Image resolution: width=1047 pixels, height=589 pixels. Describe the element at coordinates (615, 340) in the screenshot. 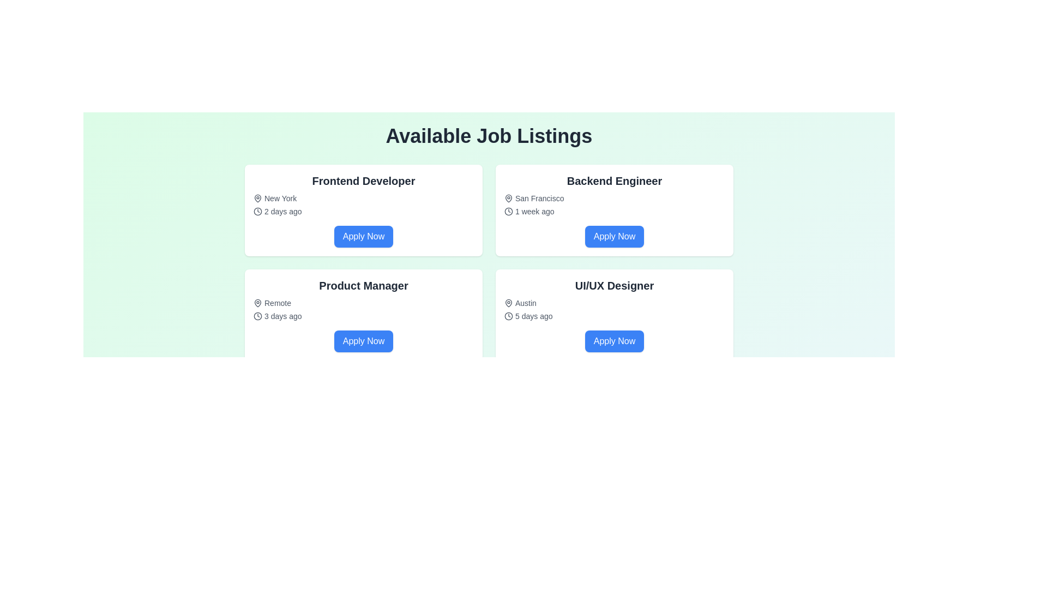

I see `the 'Apply for UI/UX Designer' button located at the bottom right of the job listing card` at that location.